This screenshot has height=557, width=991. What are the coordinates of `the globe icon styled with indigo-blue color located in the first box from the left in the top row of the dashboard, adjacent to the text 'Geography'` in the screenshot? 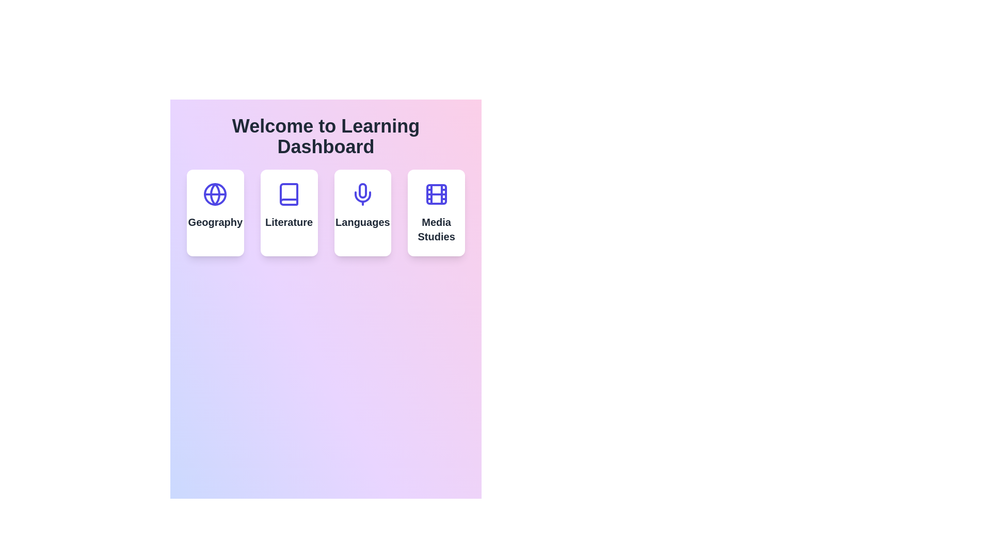 It's located at (215, 194).